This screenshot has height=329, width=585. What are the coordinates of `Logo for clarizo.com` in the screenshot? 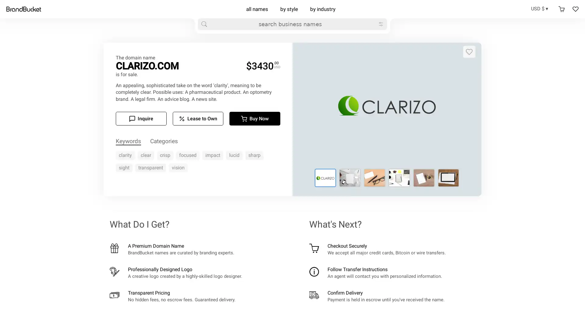 It's located at (350, 178).